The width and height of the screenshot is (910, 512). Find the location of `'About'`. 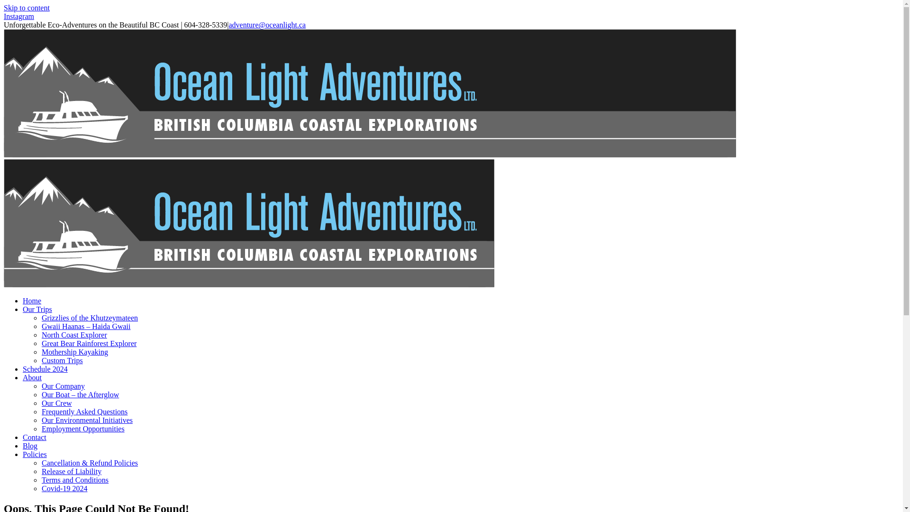

'About' is located at coordinates (32, 377).